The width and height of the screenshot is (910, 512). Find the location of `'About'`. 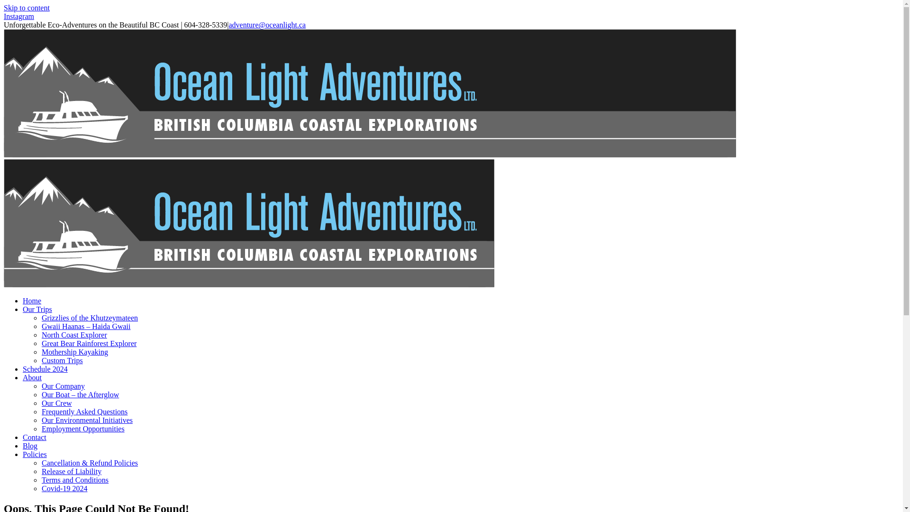

'About' is located at coordinates (32, 377).